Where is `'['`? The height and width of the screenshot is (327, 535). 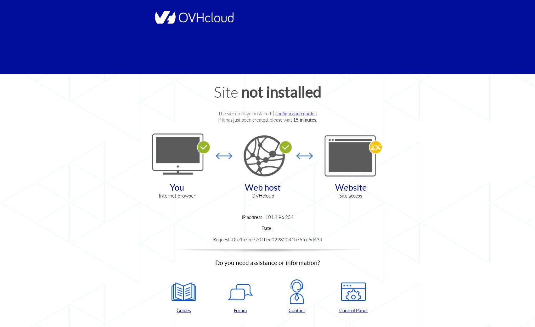 '[' is located at coordinates (273, 113).